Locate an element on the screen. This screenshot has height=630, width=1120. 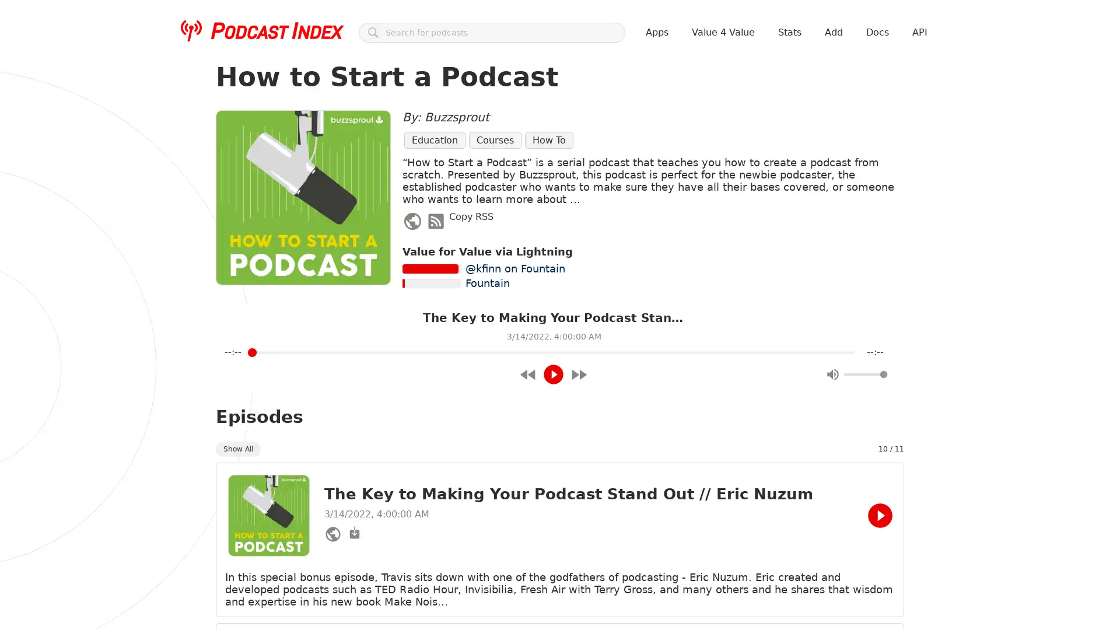
Play is located at coordinates (553, 374).